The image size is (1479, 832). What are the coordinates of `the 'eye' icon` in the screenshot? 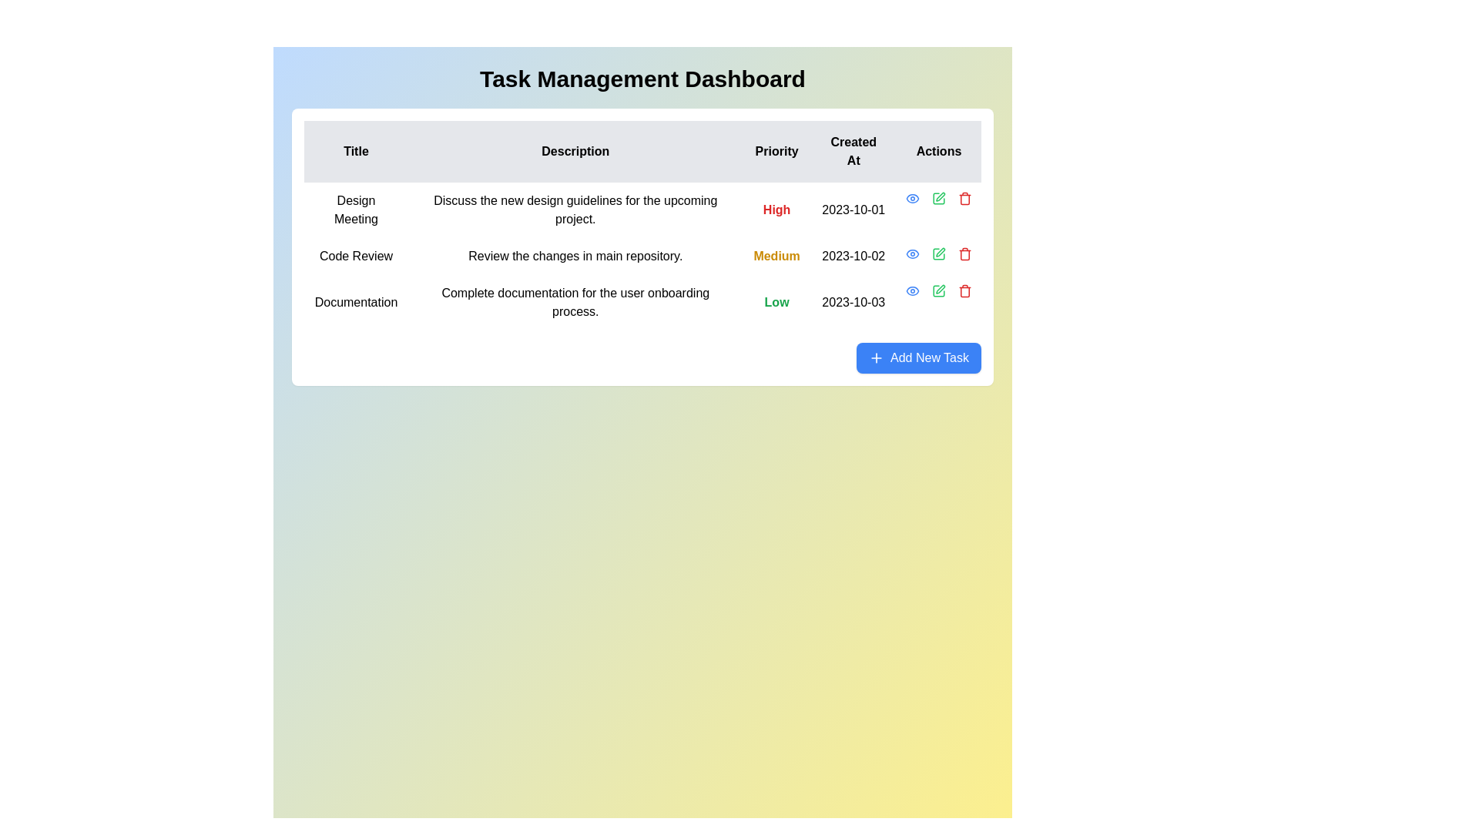 It's located at (913, 198).